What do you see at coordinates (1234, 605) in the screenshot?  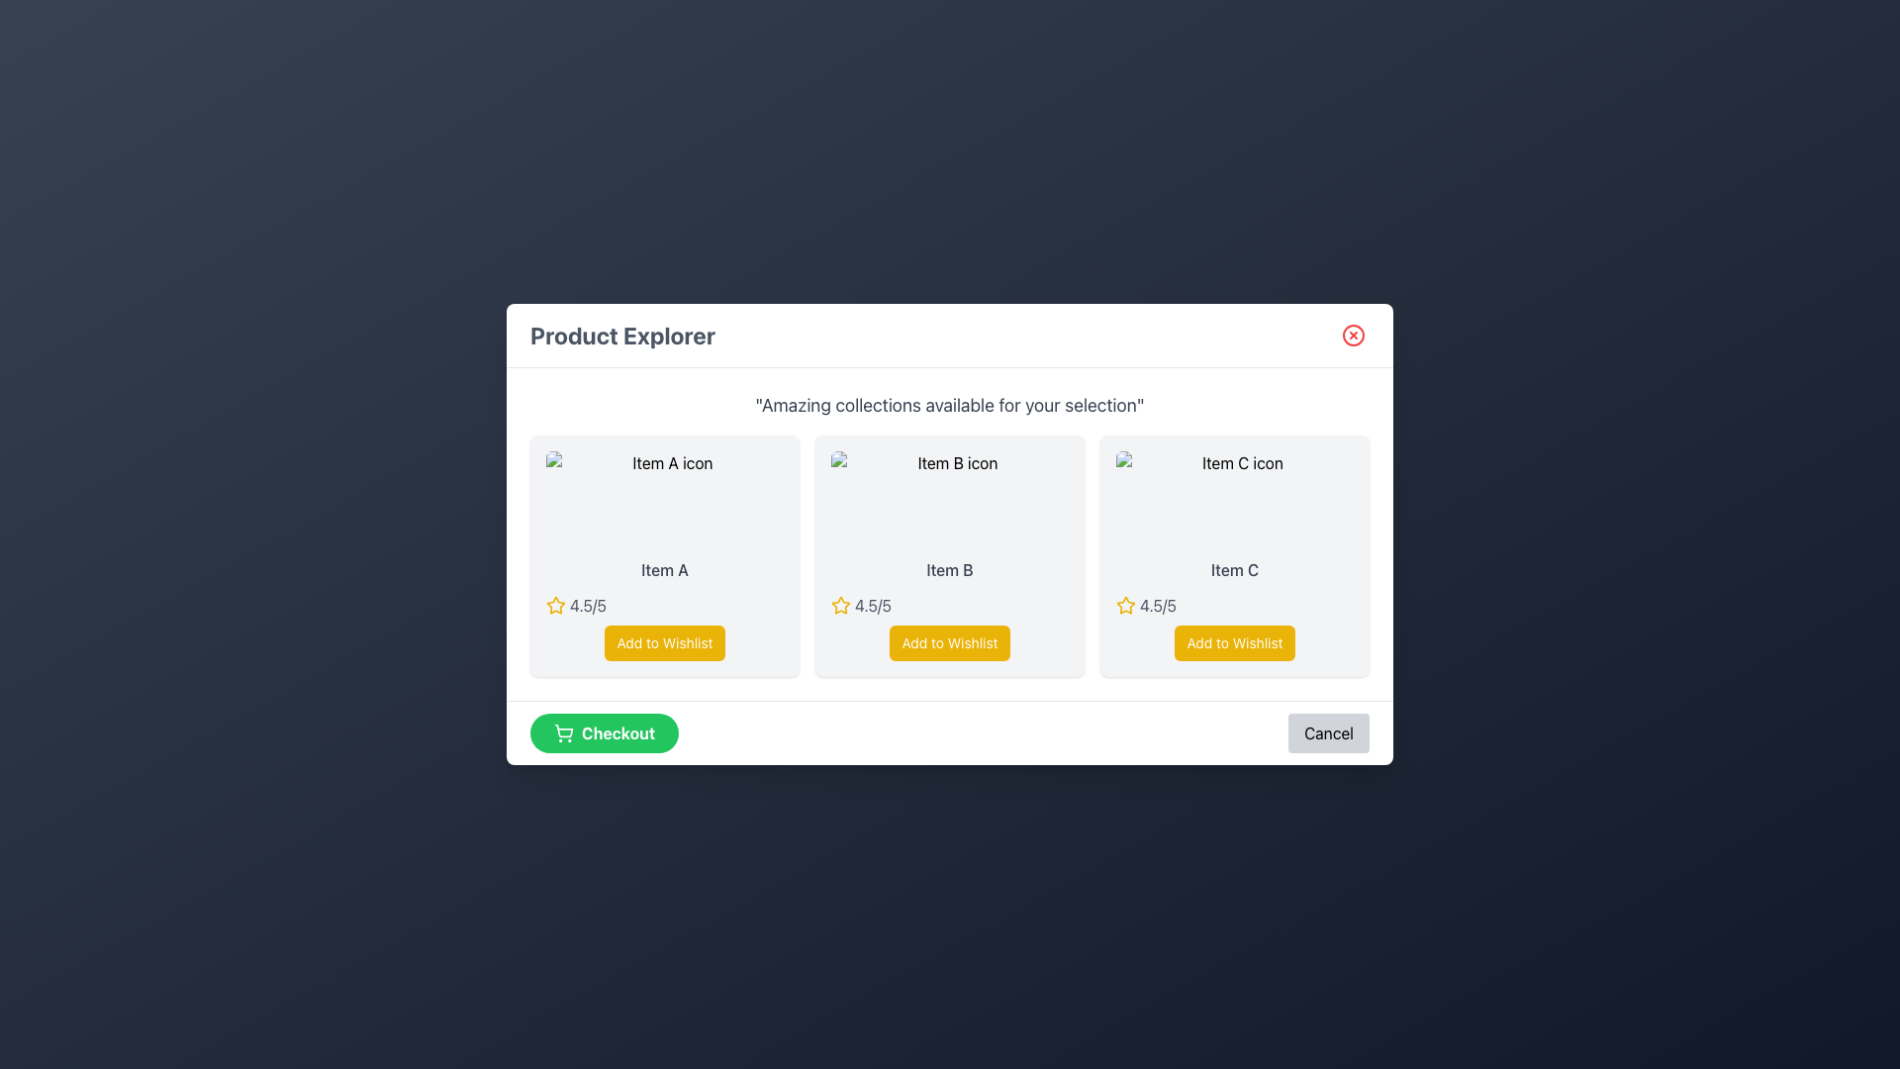 I see `the Rating display for 'Item C'` at bounding box center [1234, 605].